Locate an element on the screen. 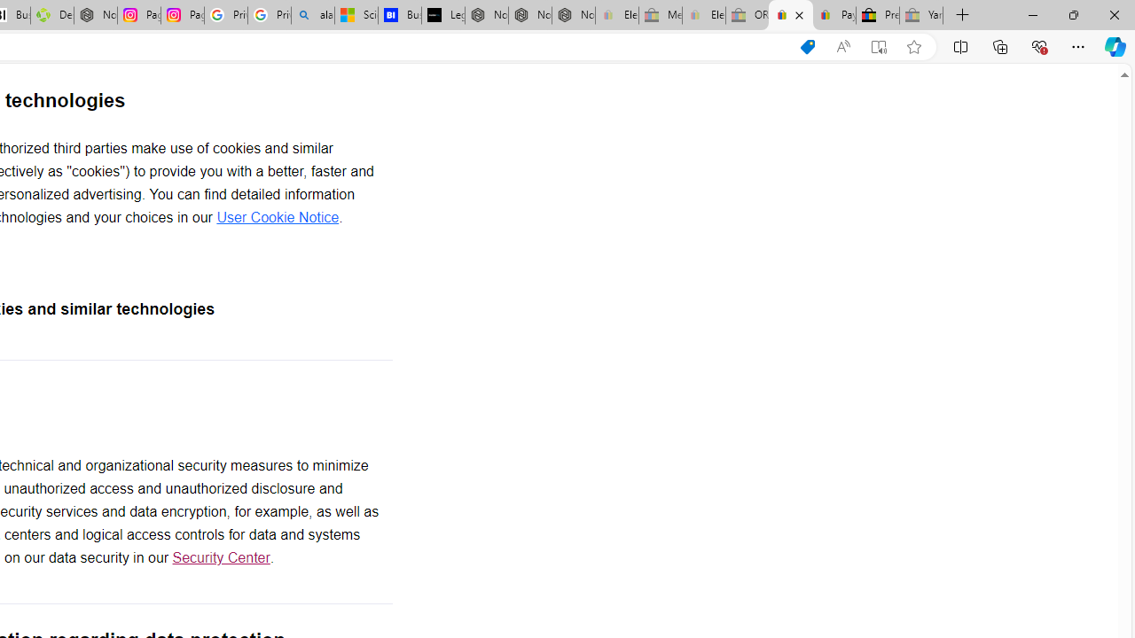  'Press Room - eBay Inc.' is located at coordinates (878, 15).